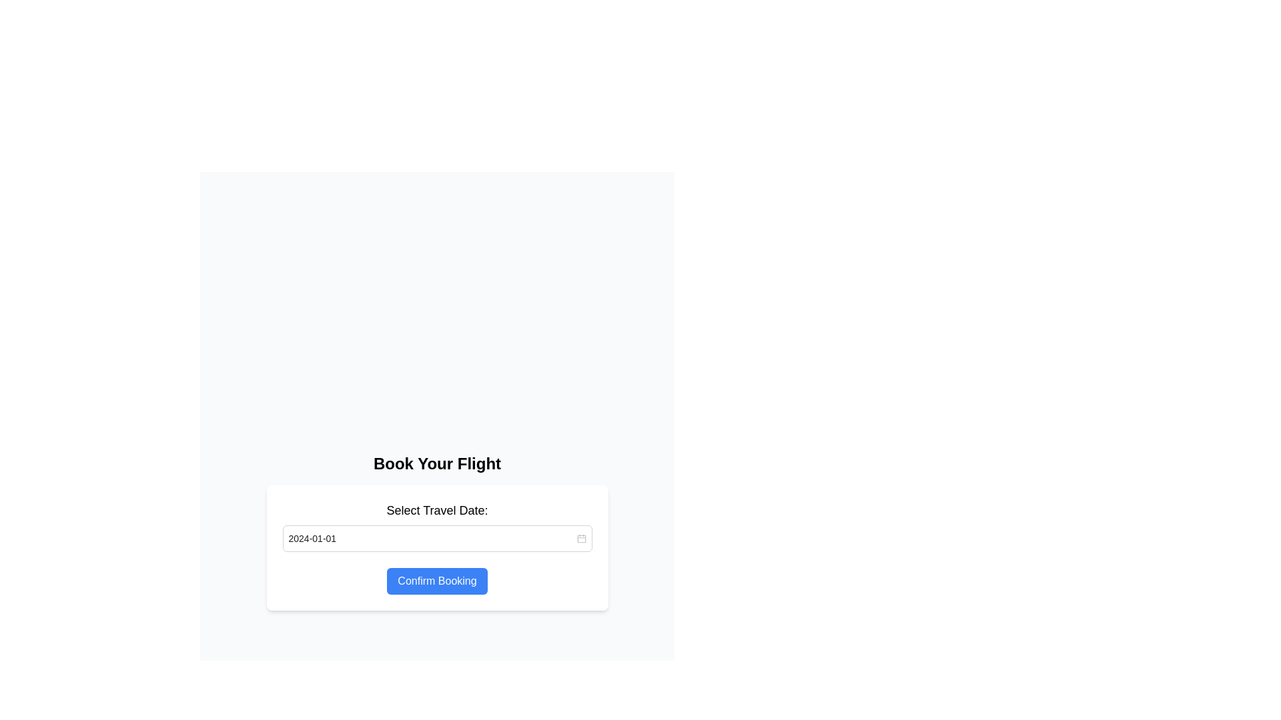  I want to click on the Date Selection Field Section, so click(437, 526).